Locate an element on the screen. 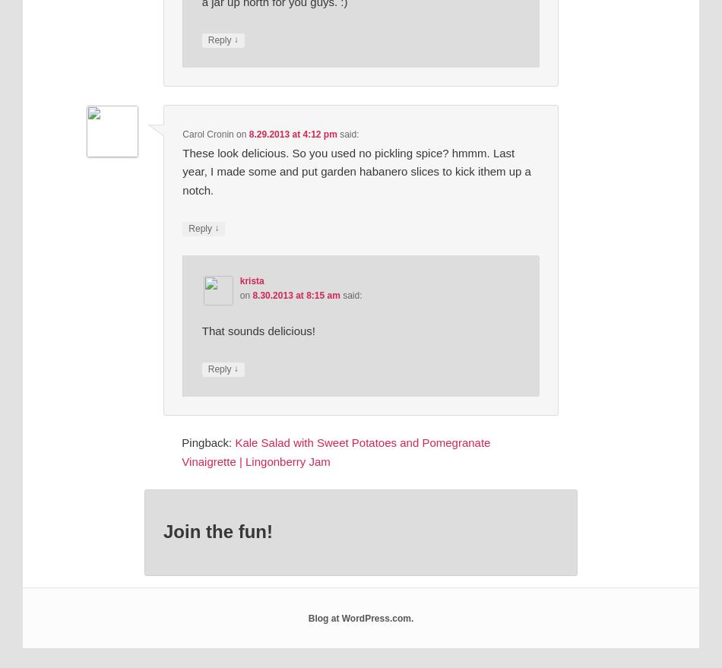 The height and width of the screenshot is (668, 722). 'Blog at WordPress.com.' is located at coordinates (359, 616).